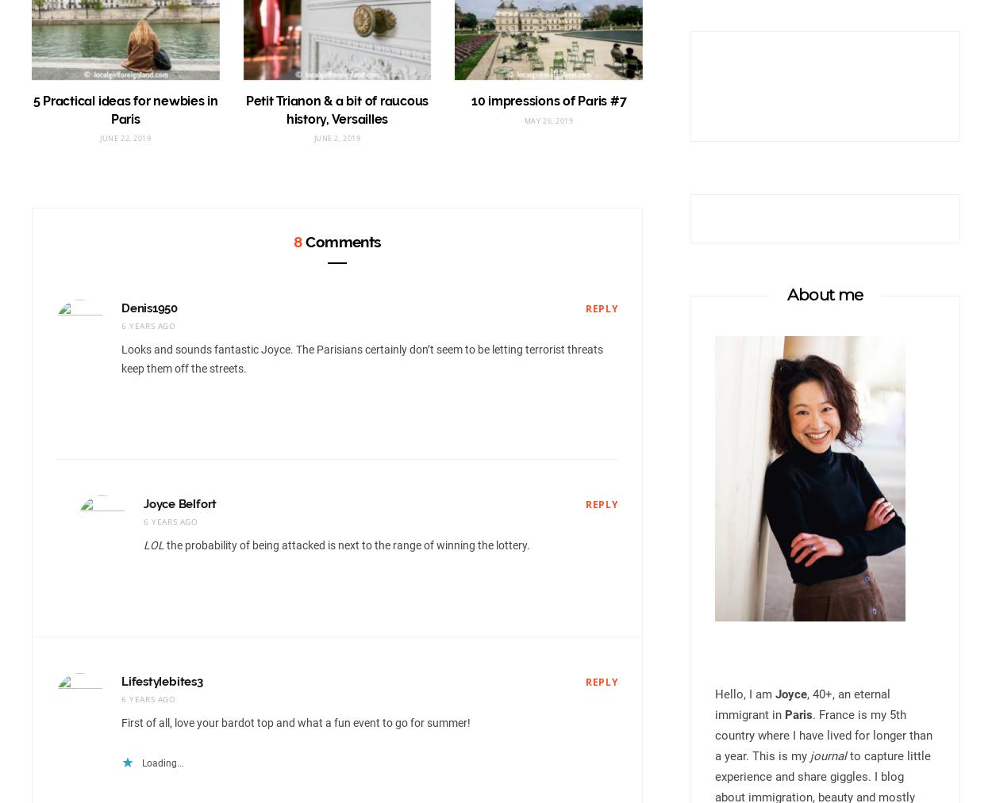 The height and width of the screenshot is (803, 992). What do you see at coordinates (829, 755) in the screenshot?
I see `'journal'` at bounding box center [829, 755].